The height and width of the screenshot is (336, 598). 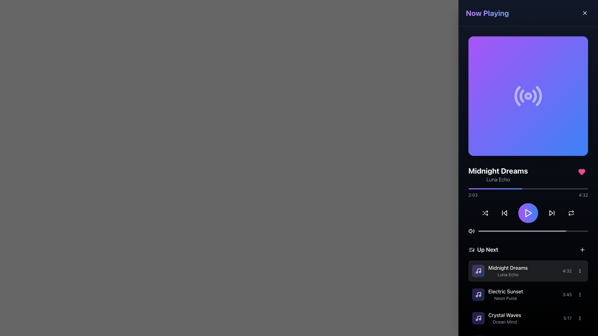 I want to click on the musical note icon located in the 'Up Next' section, positioned to the left of 'Midnight Dreams' and 'Luna Echo', so click(x=478, y=294).